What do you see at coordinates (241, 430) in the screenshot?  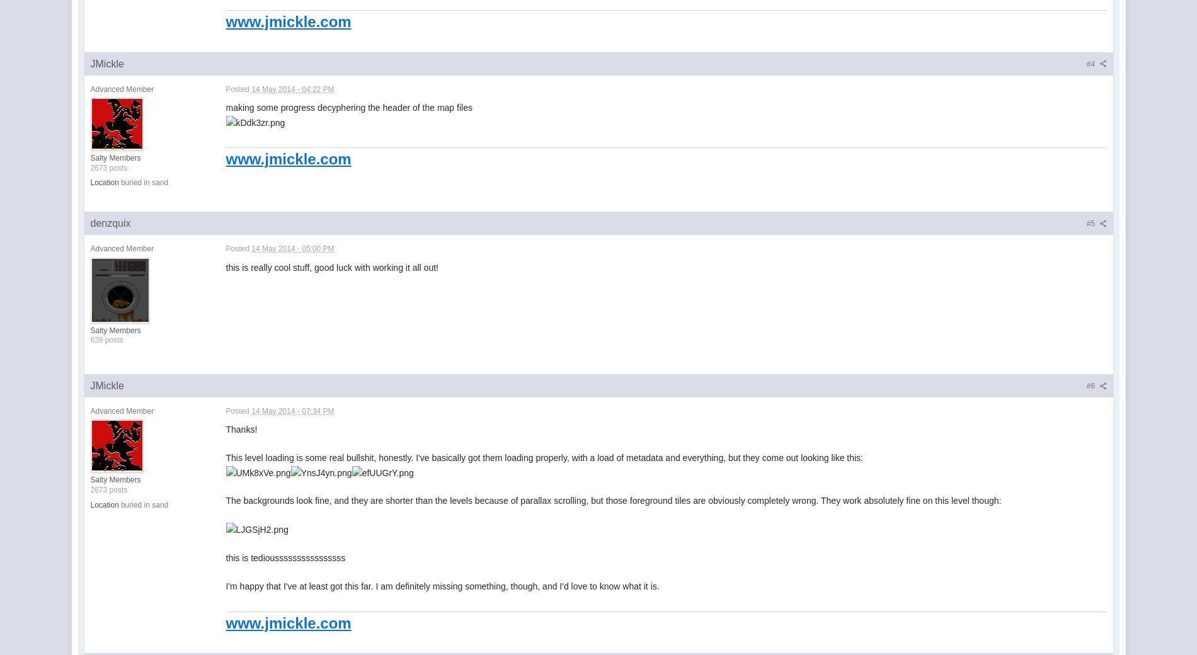 I see `'Thanks!'` at bounding box center [241, 430].